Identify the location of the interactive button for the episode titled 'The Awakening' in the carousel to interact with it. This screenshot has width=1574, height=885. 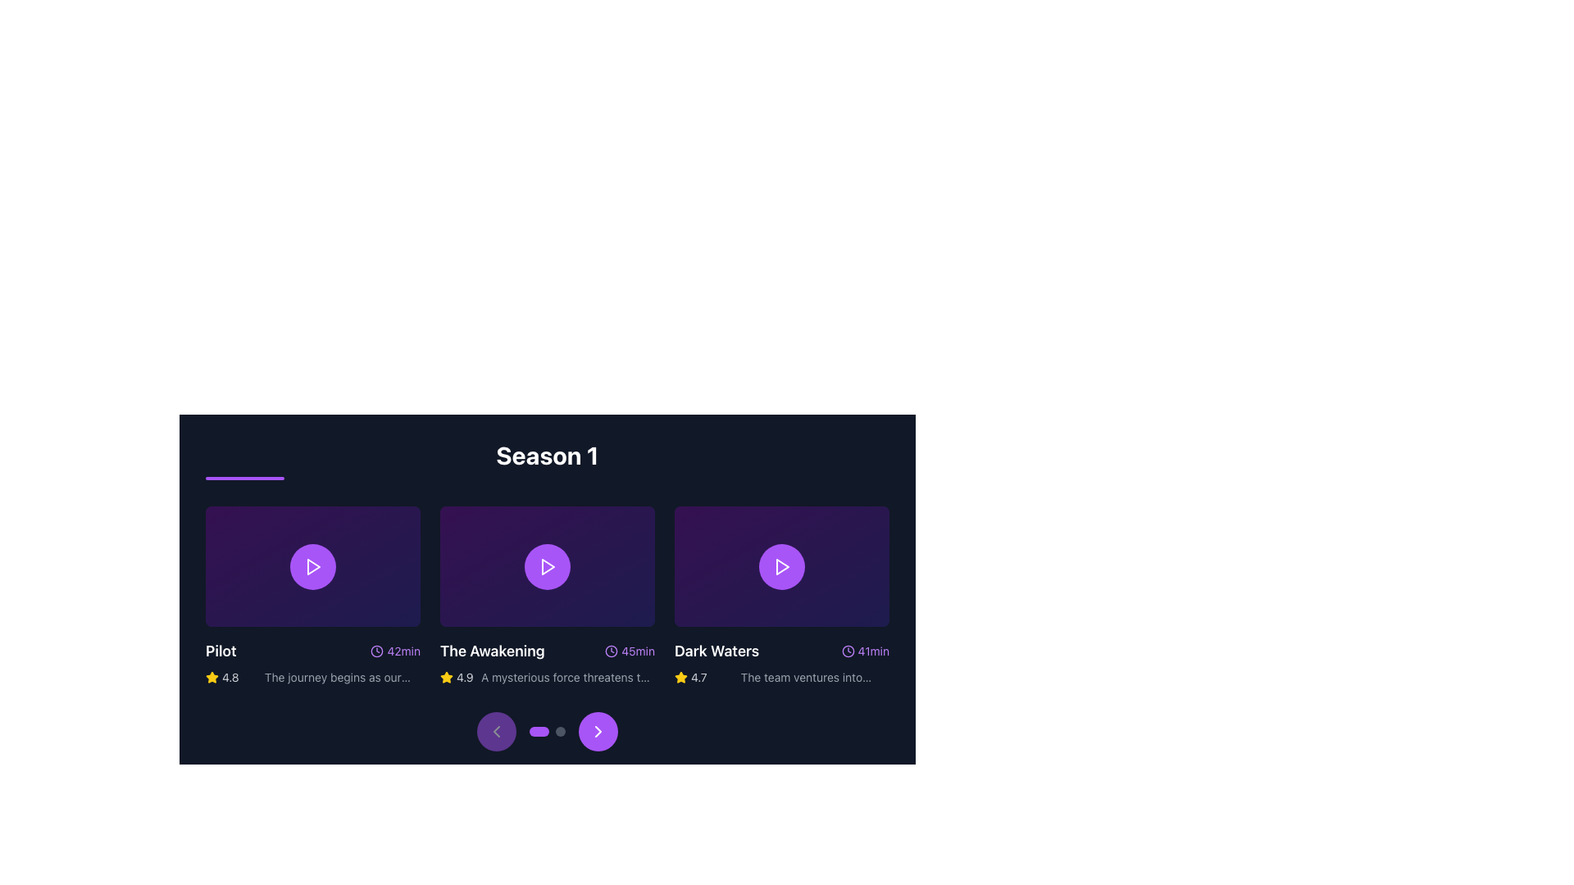
(547, 565).